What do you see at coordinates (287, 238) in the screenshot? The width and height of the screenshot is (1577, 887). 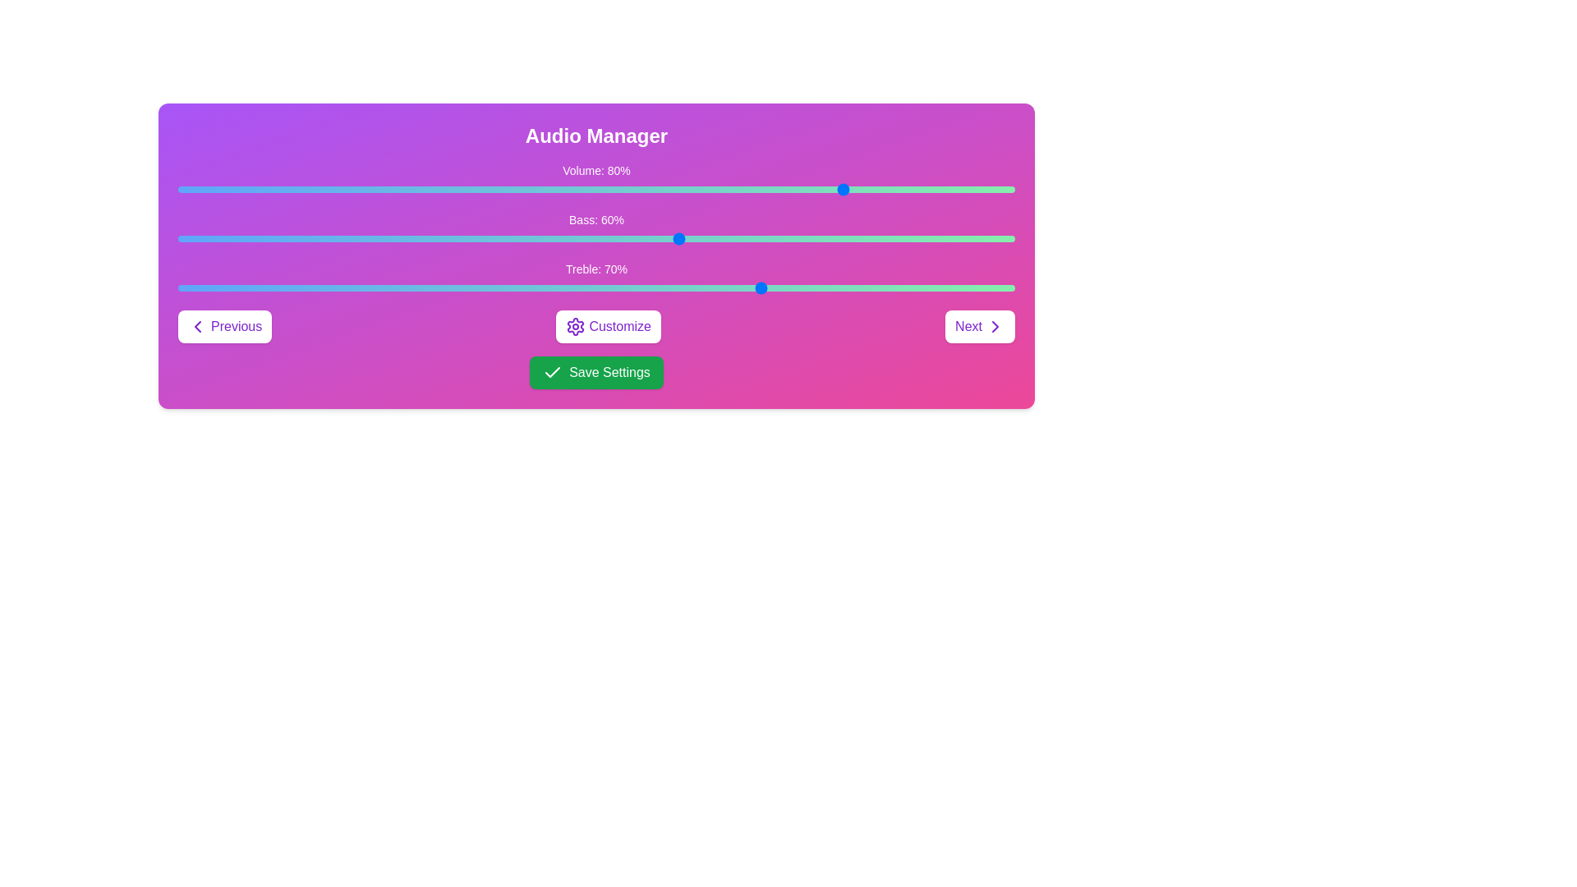 I see `bass level` at bounding box center [287, 238].